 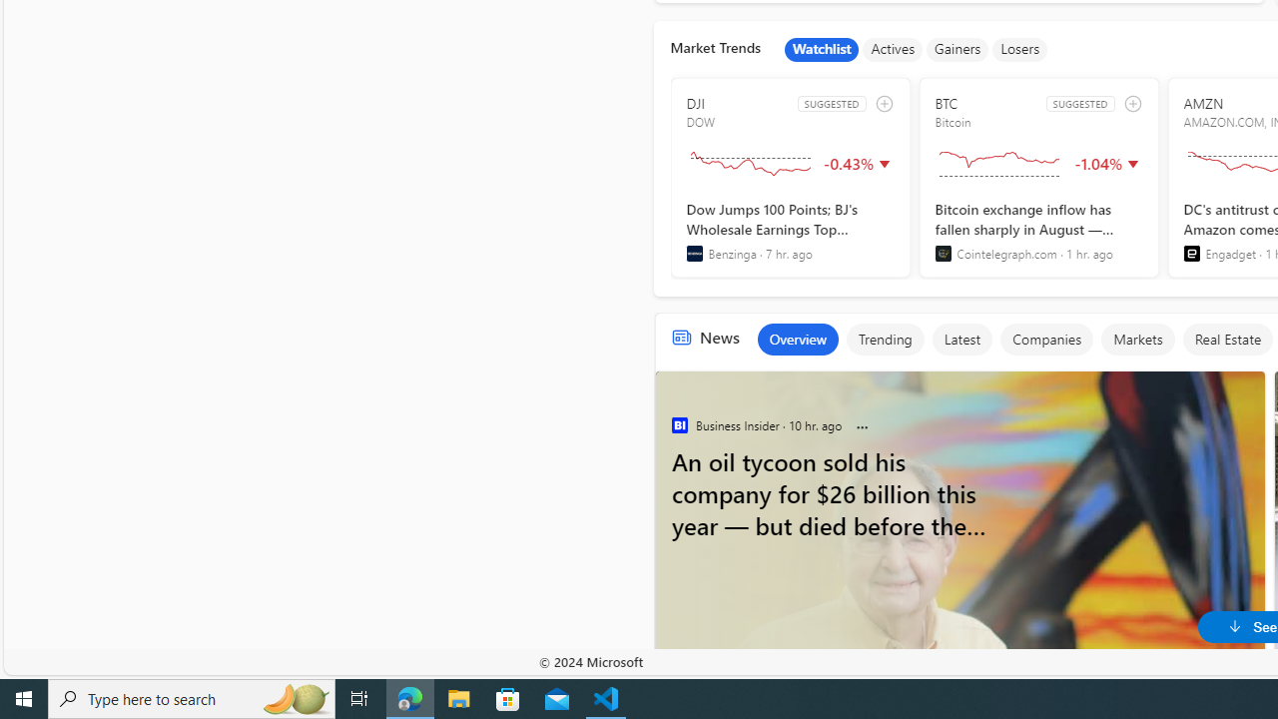 What do you see at coordinates (1132, 104) in the screenshot?
I see `'add to watchlist'` at bounding box center [1132, 104].